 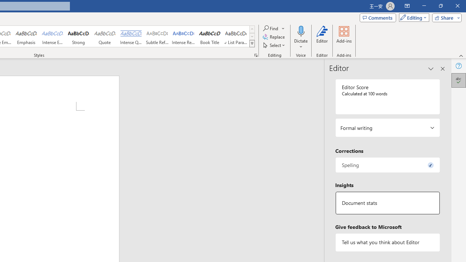 I want to click on 'Emphasis', so click(x=26, y=36).